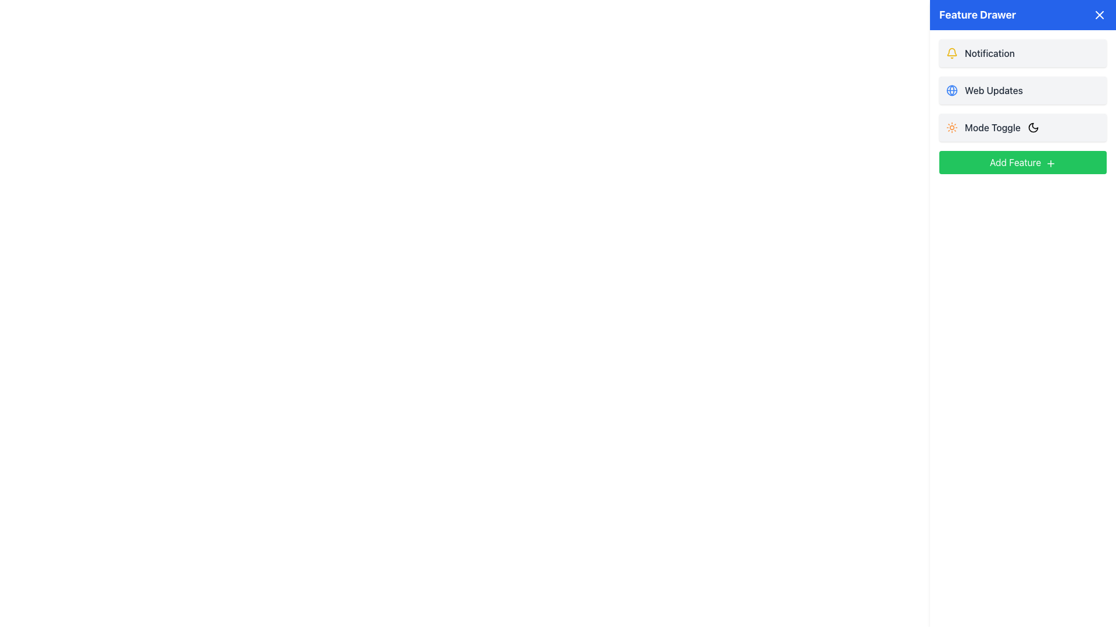  Describe the element at coordinates (1099, 15) in the screenshot. I see `the close button located at the far right of the header bar for the 'Feature Drawer' panel to observe any hover effects` at that location.